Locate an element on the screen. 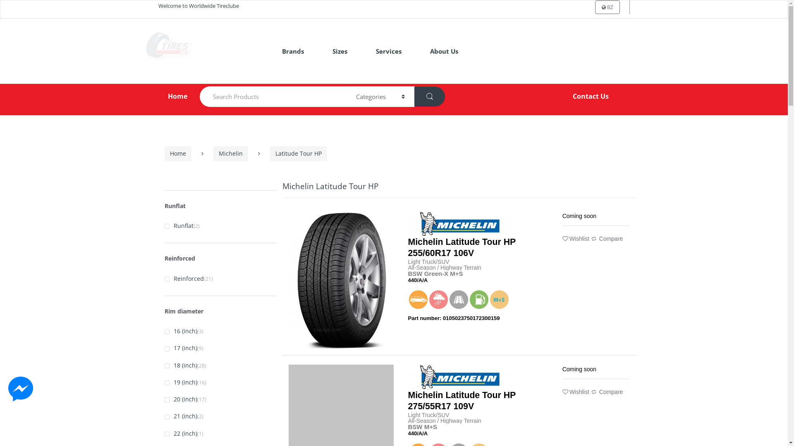 The height and width of the screenshot is (446, 794). 'Michelin Latitude Tour HP is located at coordinates (461, 247).